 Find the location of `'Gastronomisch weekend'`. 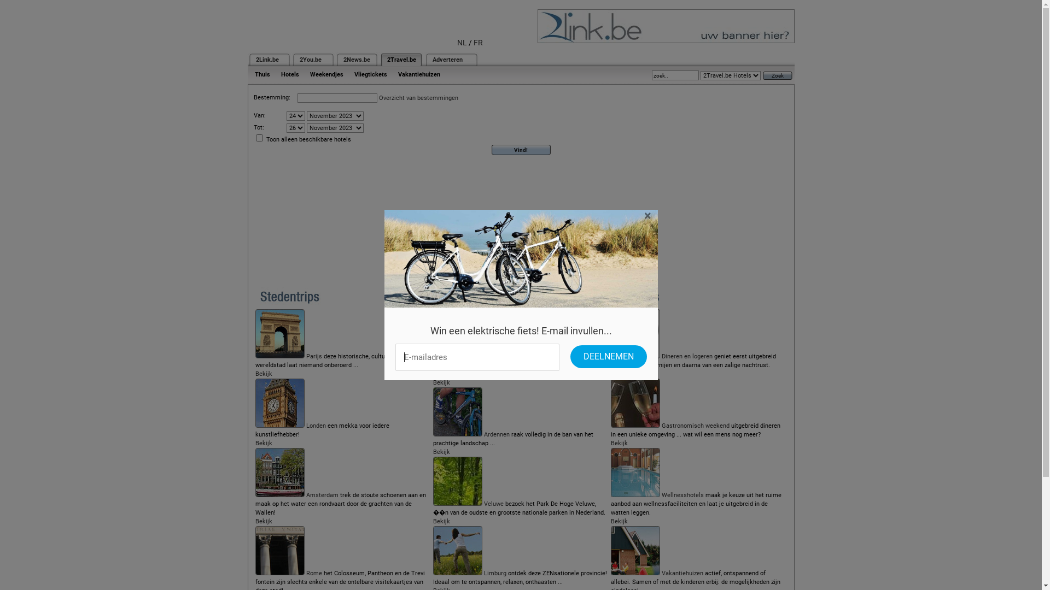

'Gastronomisch weekend' is located at coordinates (695, 425).